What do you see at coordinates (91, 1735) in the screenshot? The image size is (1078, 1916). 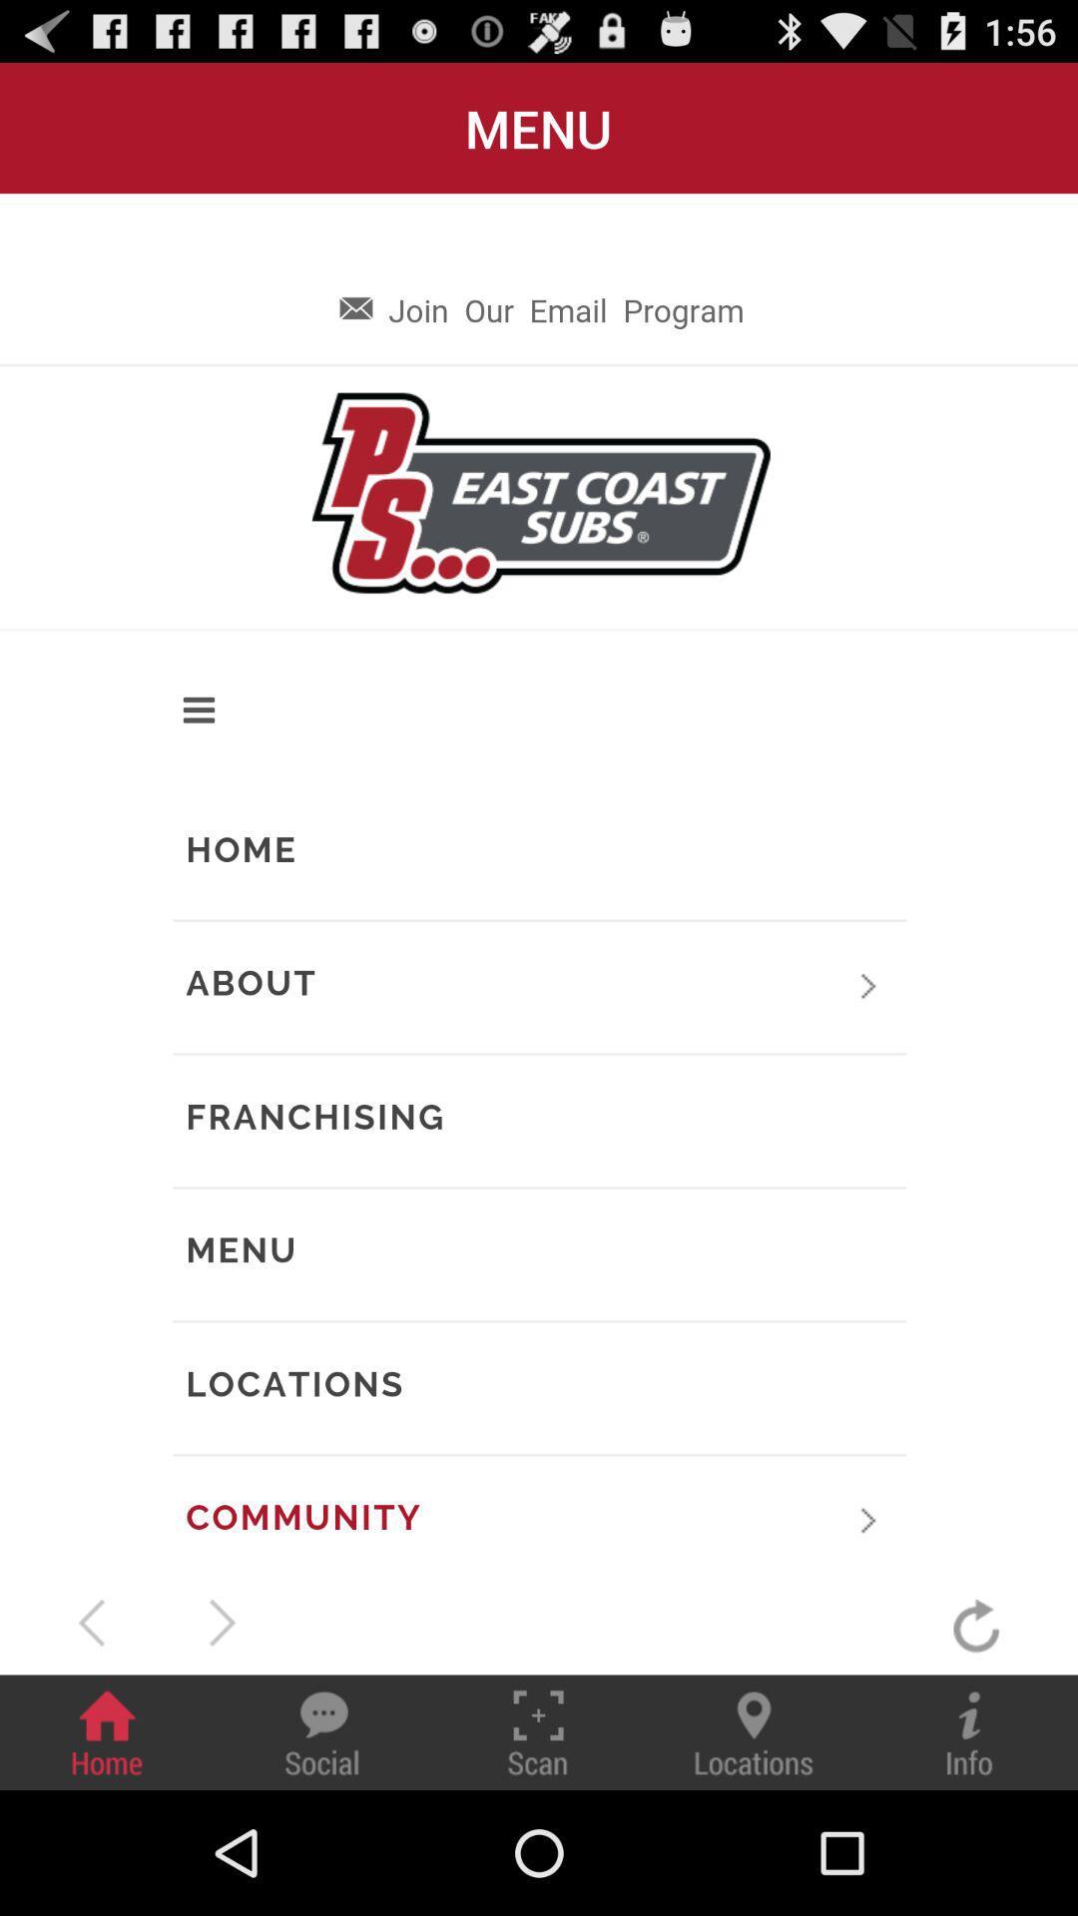 I see `the arrow_backward icon` at bounding box center [91, 1735].